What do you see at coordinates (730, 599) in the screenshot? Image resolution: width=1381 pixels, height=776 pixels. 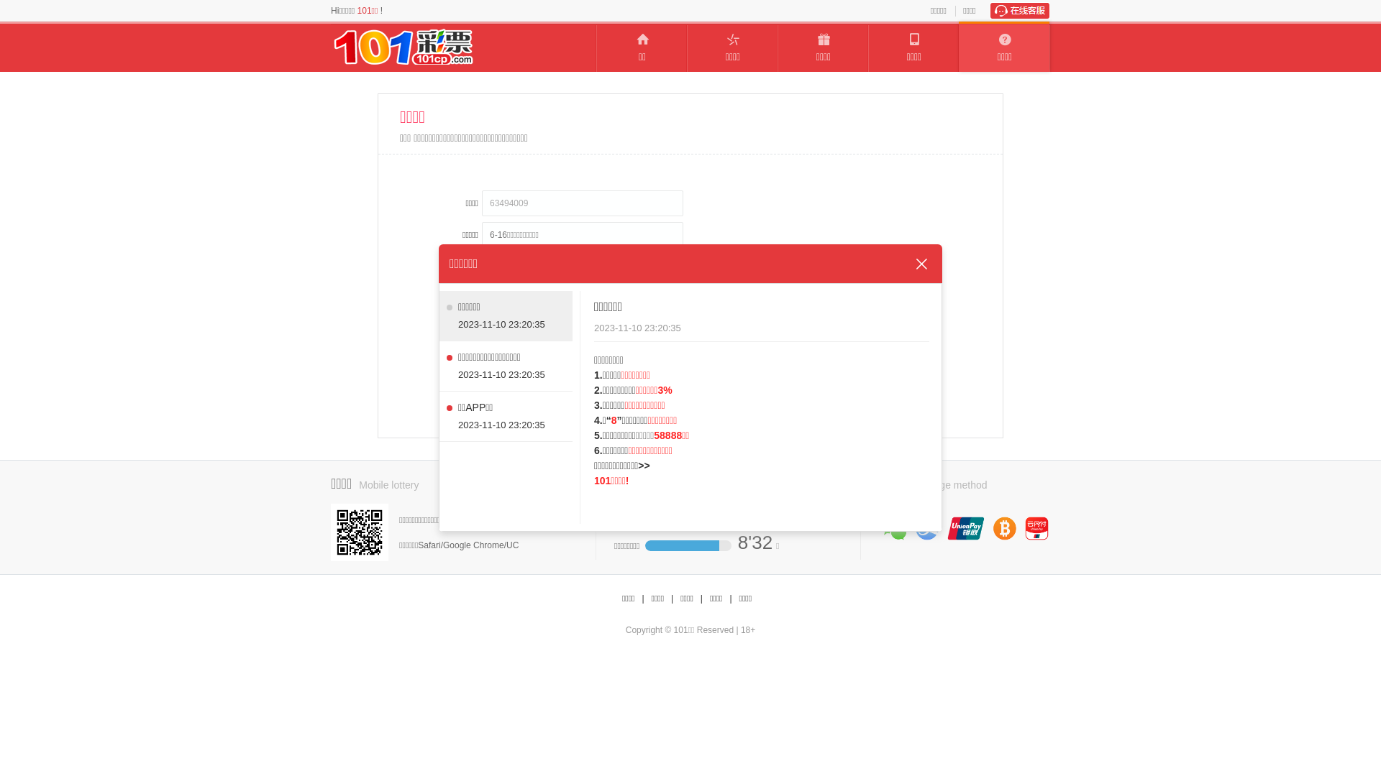 I see `'|'` at bounding box center [730, 599].